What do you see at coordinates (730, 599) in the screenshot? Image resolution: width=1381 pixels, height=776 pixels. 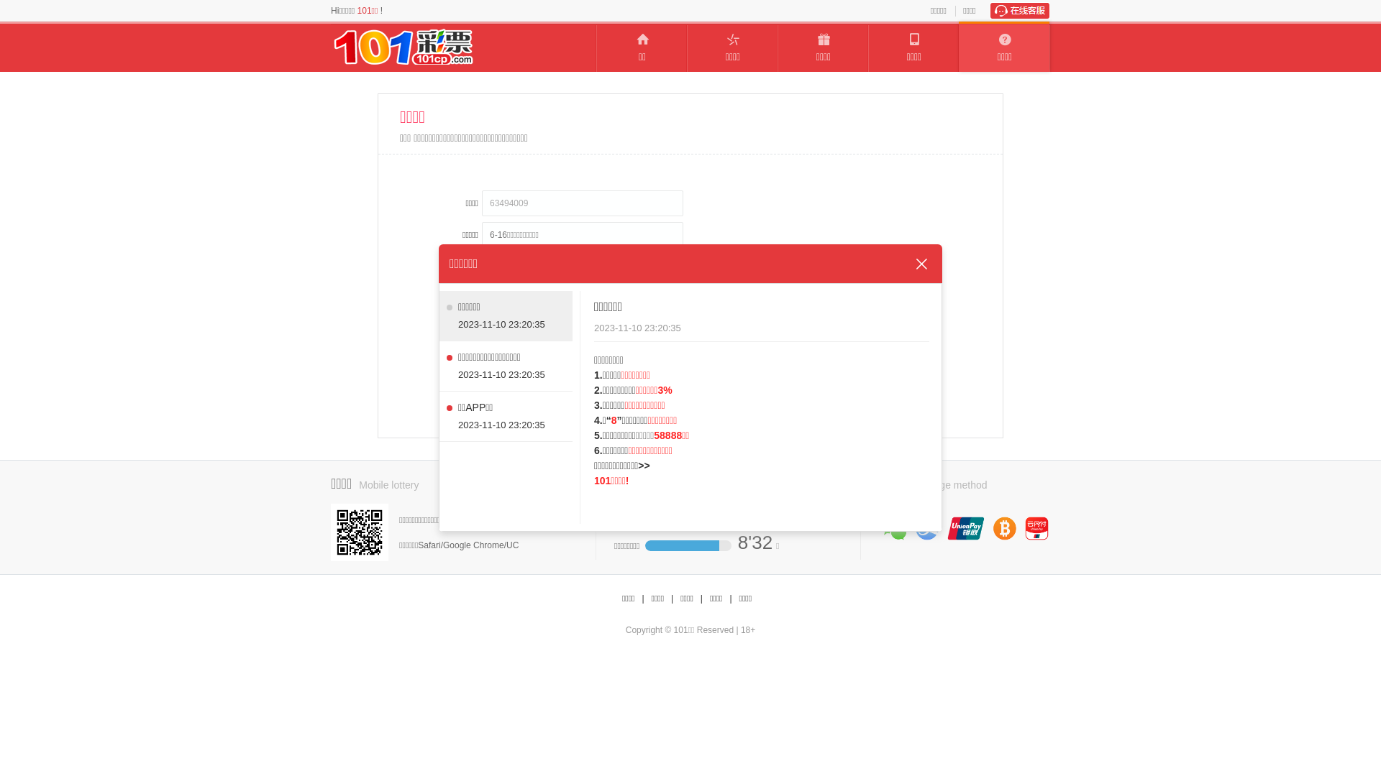 I see `'|'` at bounding box center [730, 599].